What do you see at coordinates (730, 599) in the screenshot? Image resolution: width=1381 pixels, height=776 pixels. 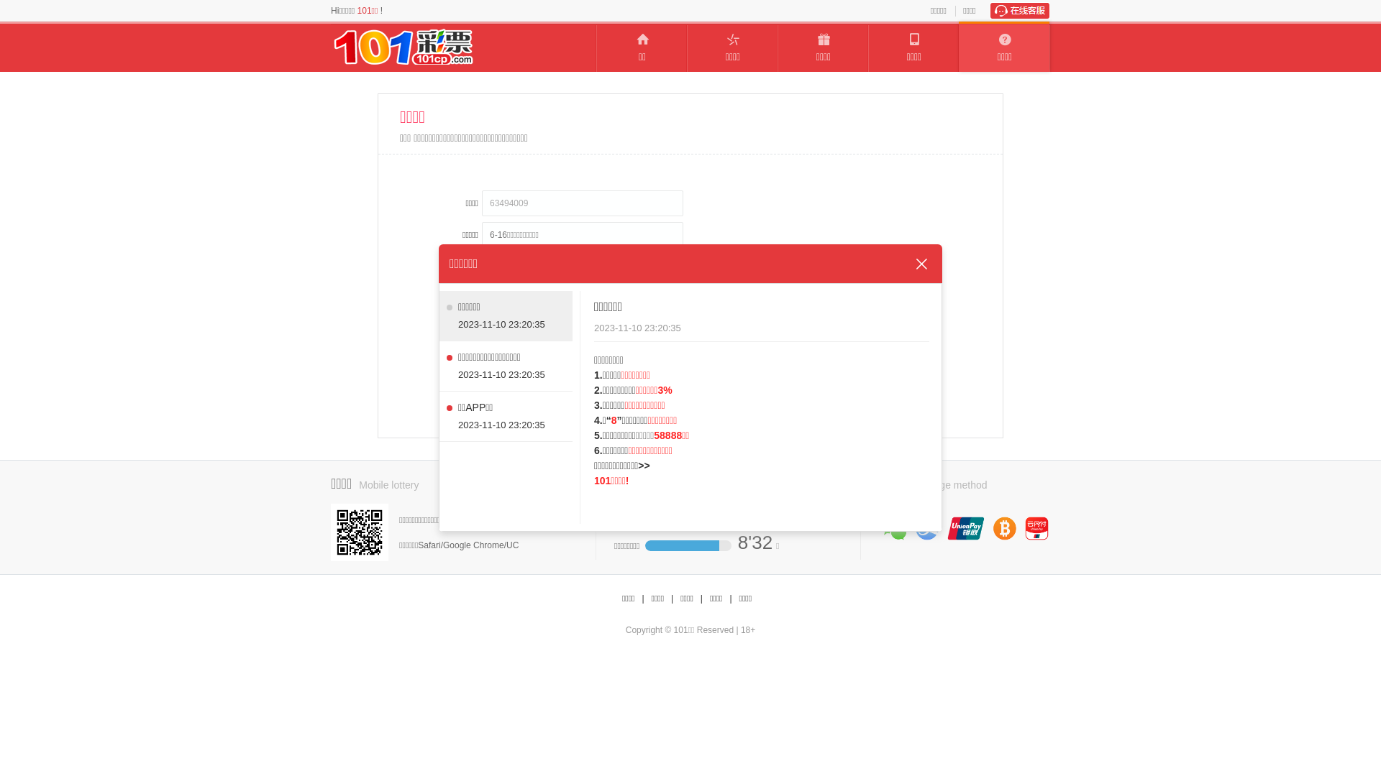 I see `'|'` at bounding box center [730, 599].